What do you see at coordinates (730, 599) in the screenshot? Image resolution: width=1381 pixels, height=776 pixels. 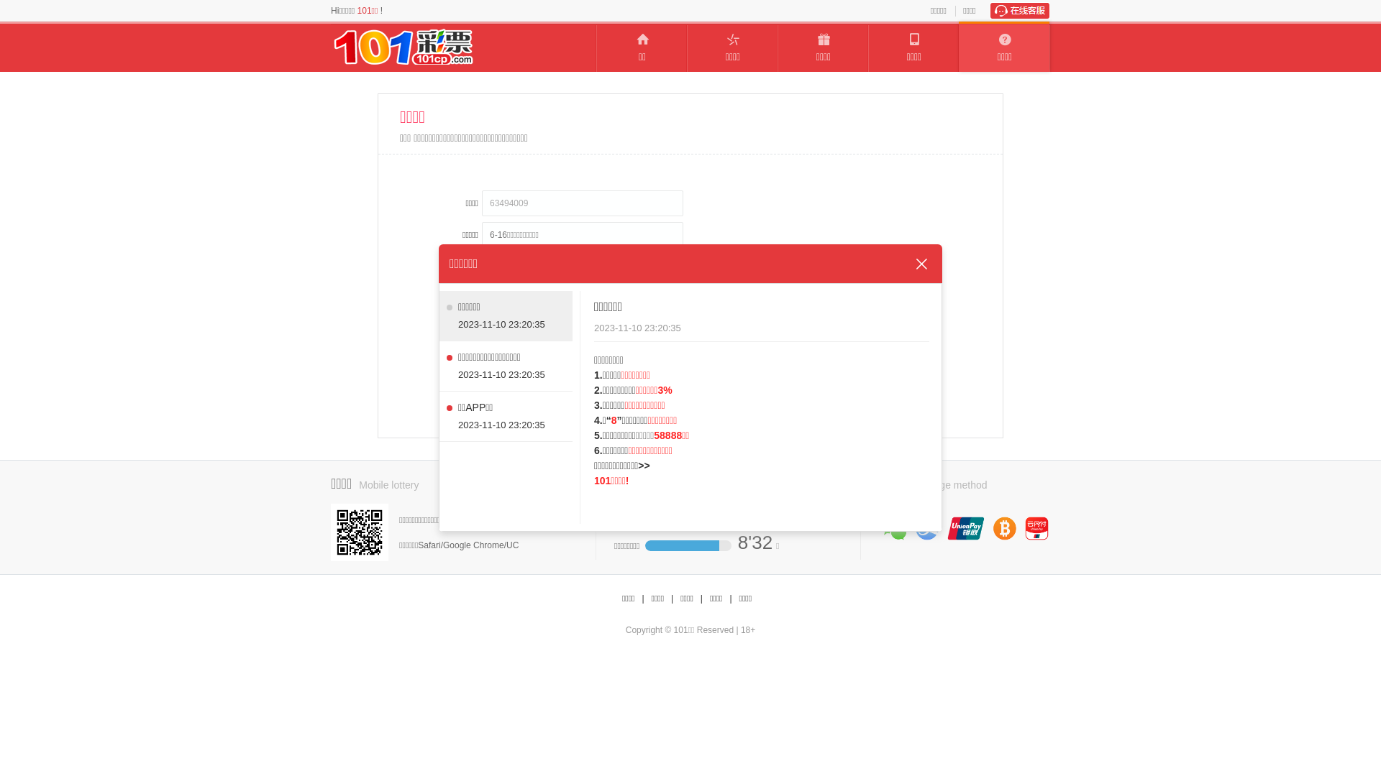 I see `'|'` at bounding box center [730, 599].